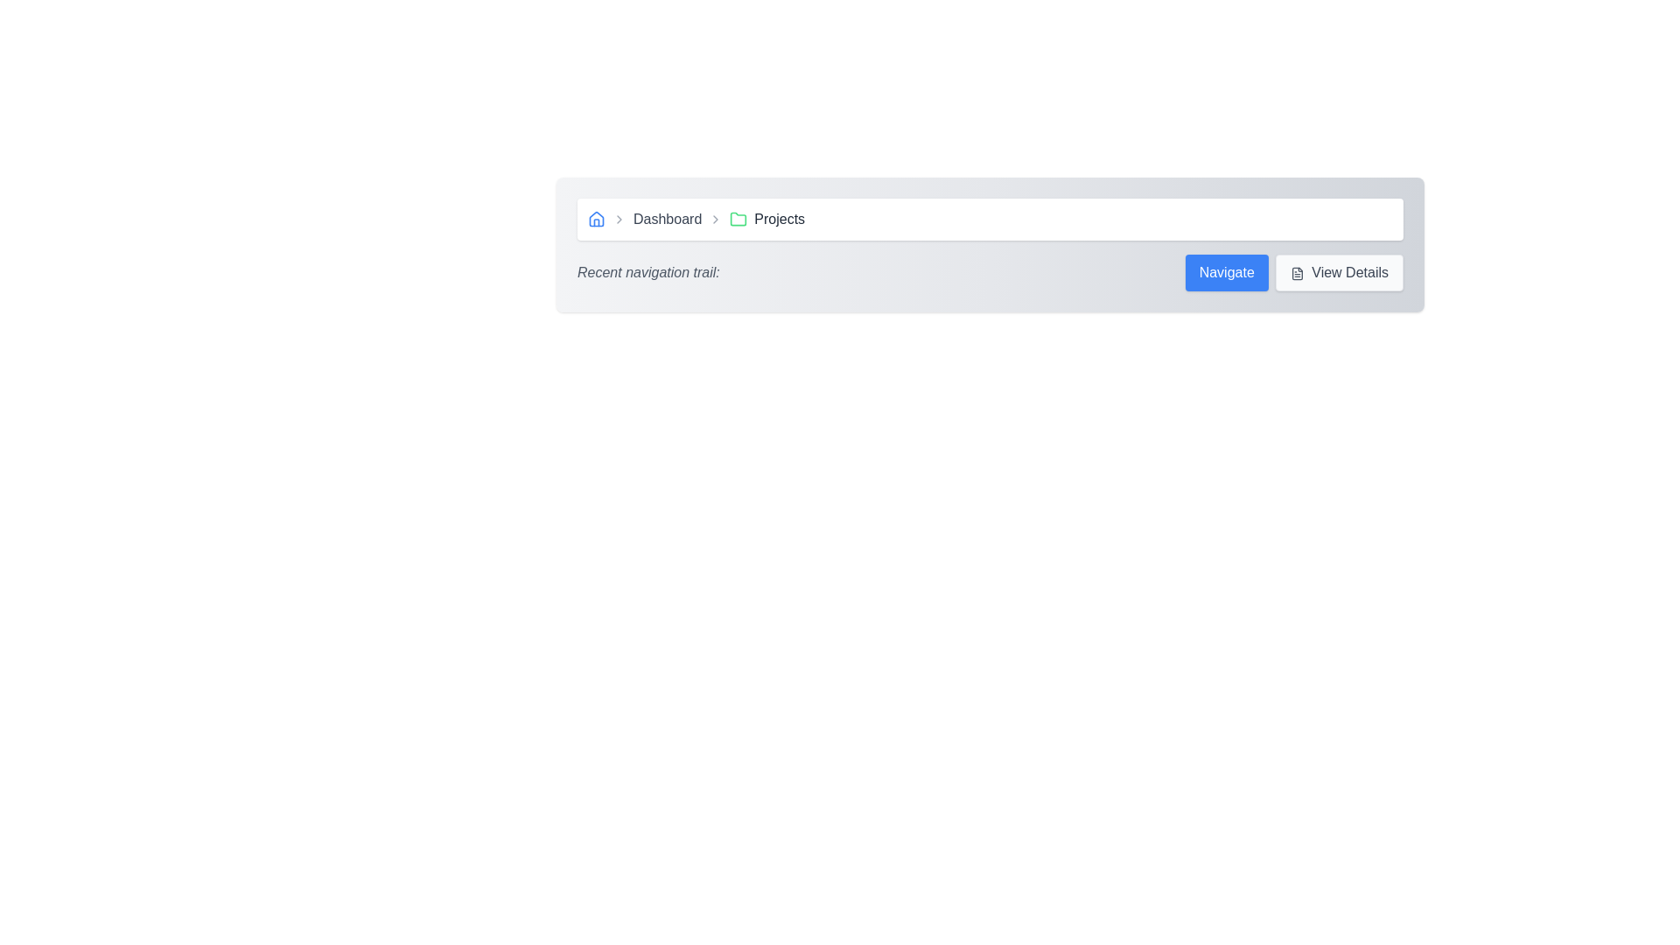 Image resolution: width=1680 pixels, height=945 pixels. I want to click on the second chevron-right icon in the breadcrumb navigation that separates 'Dashboard' and the 'Projects' green folder icon, so click(716, 218).